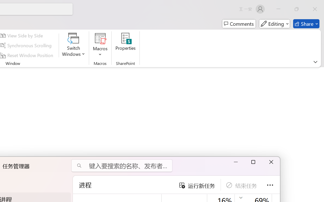  What do you see at coordinates (73, 45) in the screenshot?
I see `'Switch Windows'` at bounding box center [73, 45].